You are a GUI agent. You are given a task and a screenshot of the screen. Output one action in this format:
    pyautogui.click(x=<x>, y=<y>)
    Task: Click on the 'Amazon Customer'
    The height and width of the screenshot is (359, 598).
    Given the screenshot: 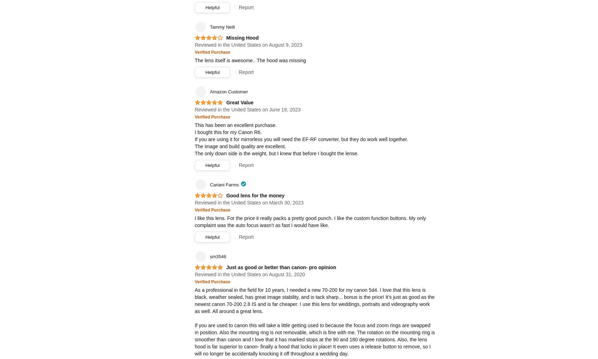 What is the action you would take?
    pyautogui.click(x=209, y=92)
    